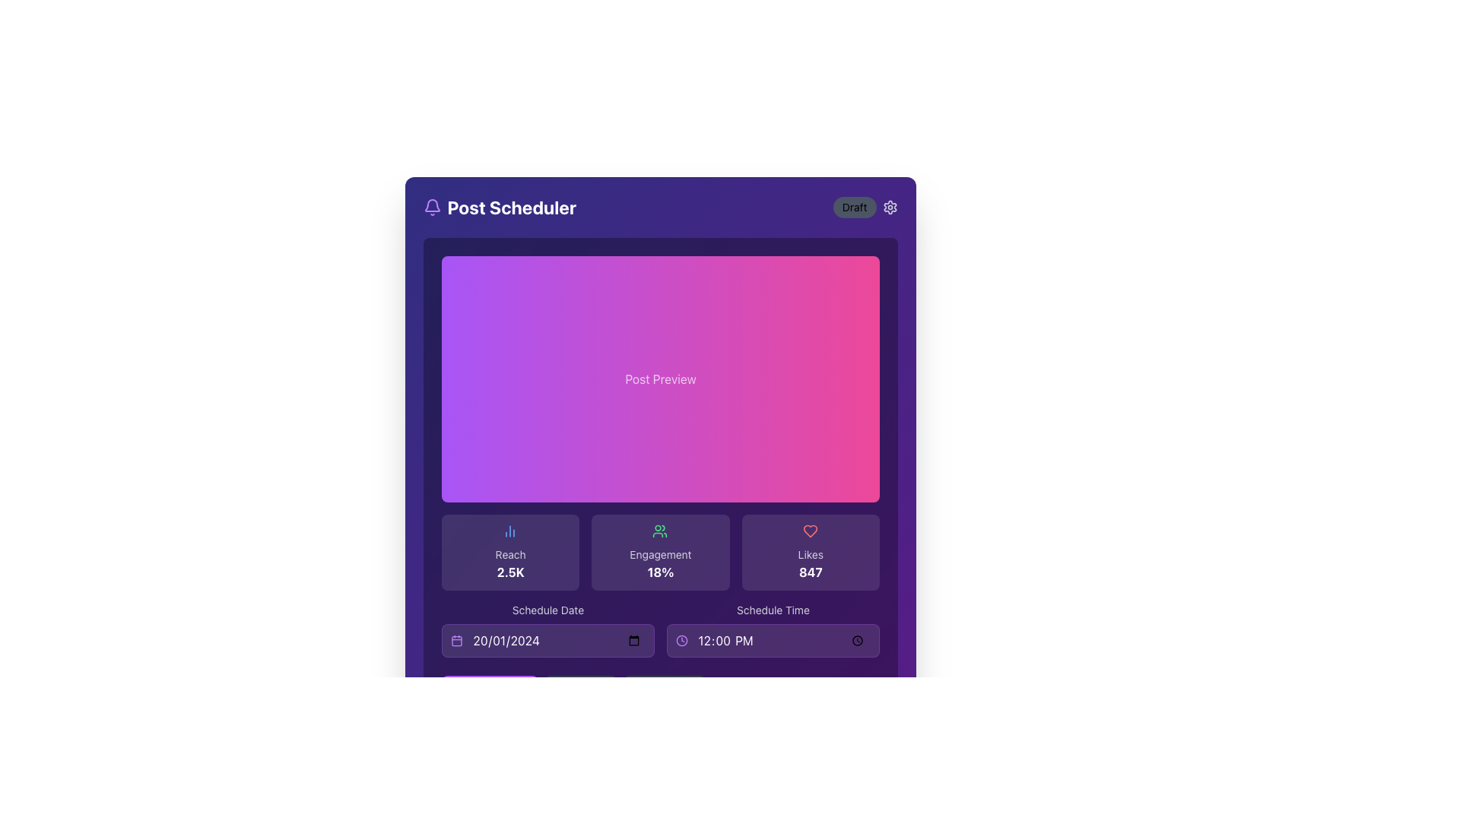 This screenshot has height=821, width=1460. What do you see at coordinates (809, 530) in the screenshot?
I see `the heart icon that indicates the 'Likes' metric, which is located directly above the text elements 'Likes' and '847'` at bounding box center [809, 530].